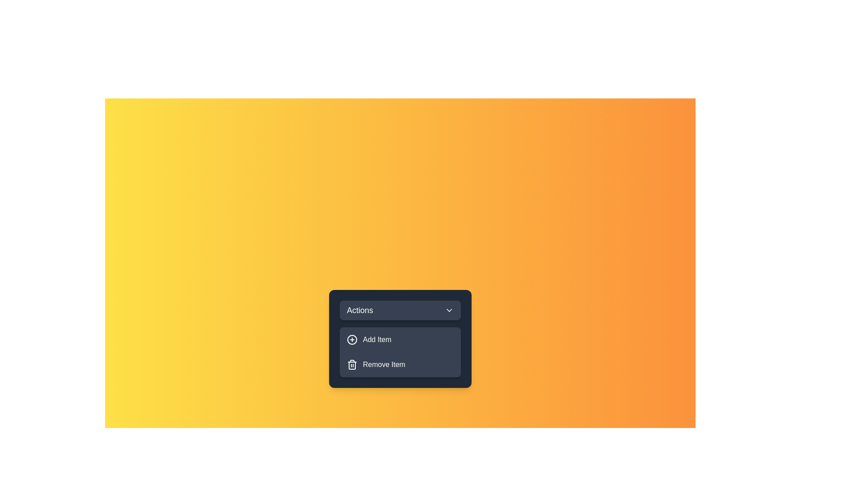 The image size is (855, 481). Describe the element at coordinates (399, 310) in the screenshot. I see `the 'Actions' button to toggle the menu` at that location.